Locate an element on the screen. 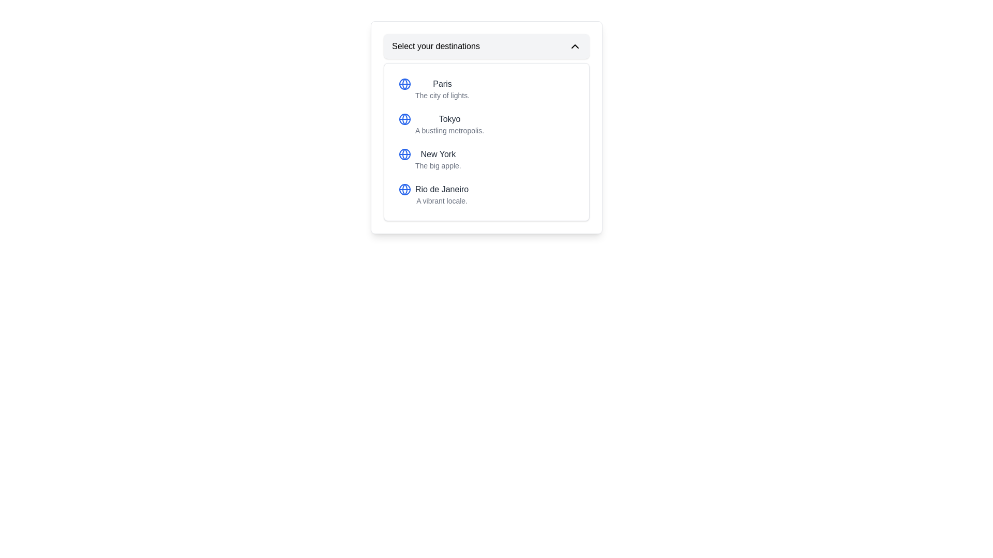 The image size is (993, 558). the blue circular SVG element that is part of the globe icon for 'New York' by clicking on its center is located at coordinates (404, 154).